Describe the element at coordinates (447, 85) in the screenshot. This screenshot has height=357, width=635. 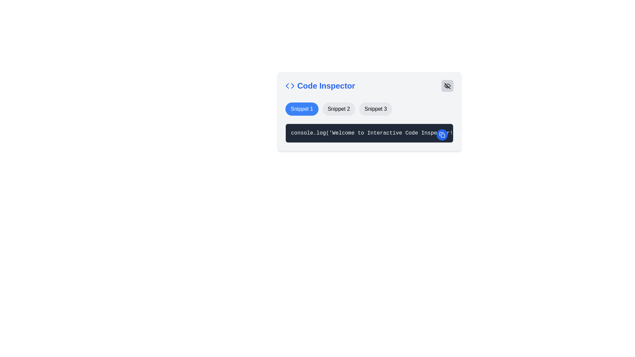
I see `the eye symbol icon within the SVG element, which is styled with a diagonal line indicating a visibility toggle function, located in the top-right region of the 'Code Inspector' panel` at that location.